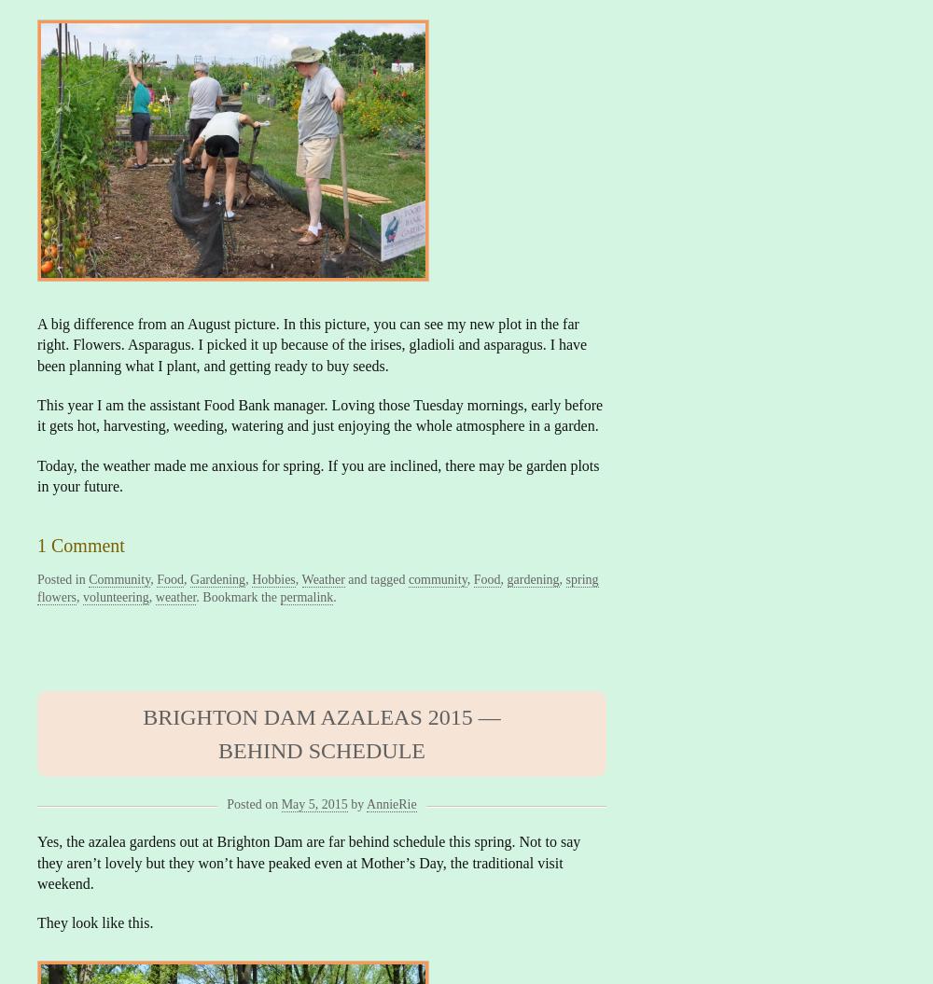 The height and width of the screenshot is (984, 933). What do you see at coordinates (119, 578) in the screenshot?
I see `'Community'` at bounding box center [119, 578].